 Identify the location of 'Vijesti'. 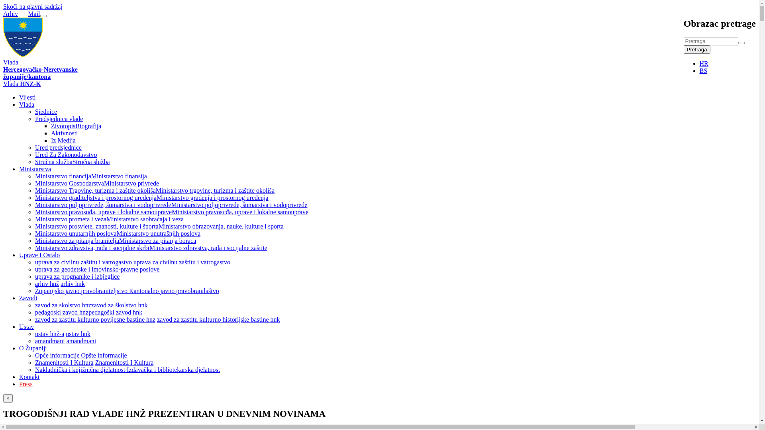
(27, 97).